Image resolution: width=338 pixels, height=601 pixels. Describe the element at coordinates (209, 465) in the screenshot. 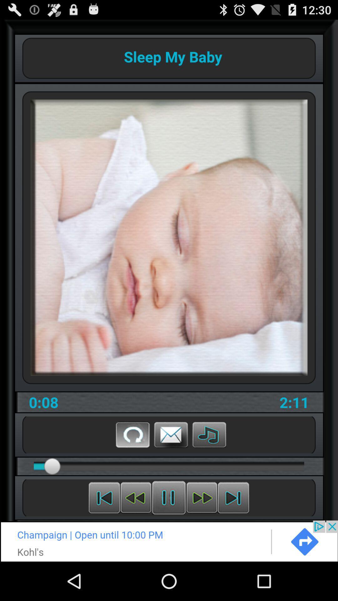

I see `the music icon` at that location.